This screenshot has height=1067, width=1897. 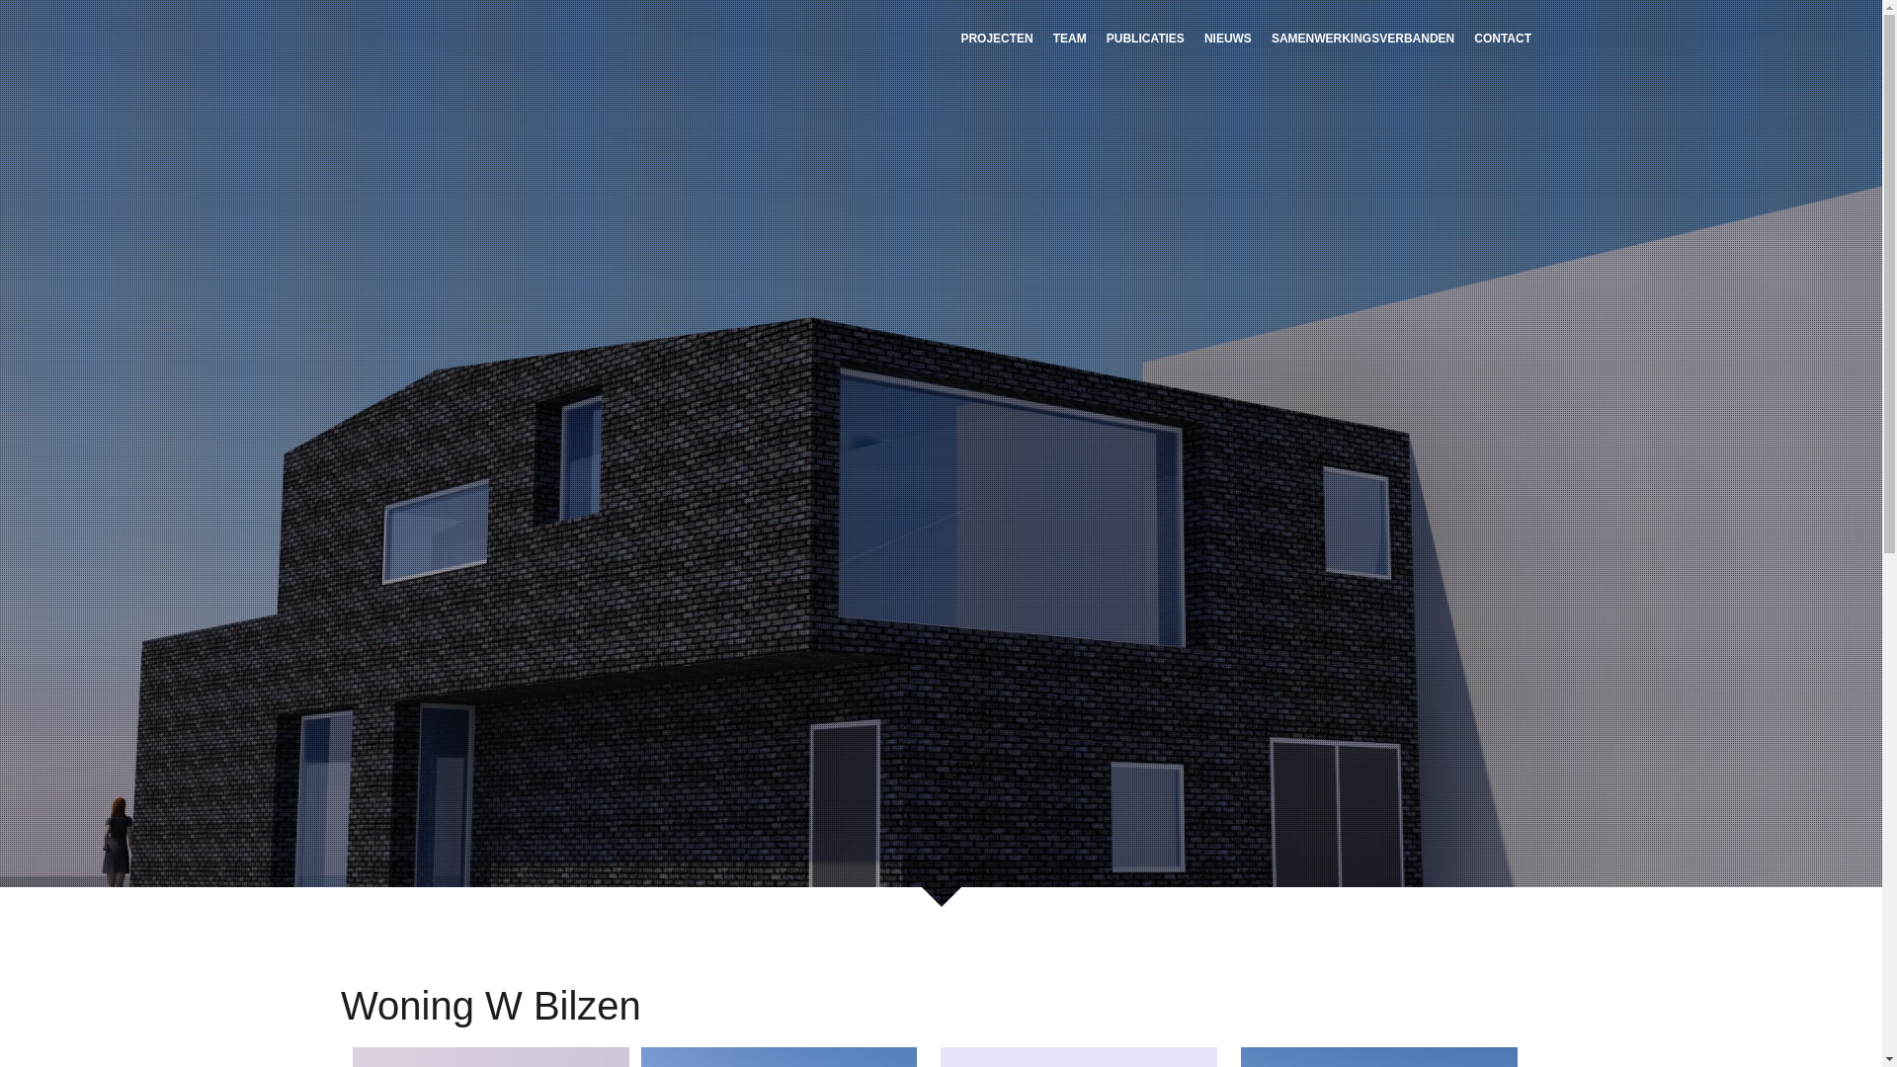 What do you see at coordinates (1069, 37) in the screenshot?
I see `'TEAM'` at bounding box center [1069, 37].